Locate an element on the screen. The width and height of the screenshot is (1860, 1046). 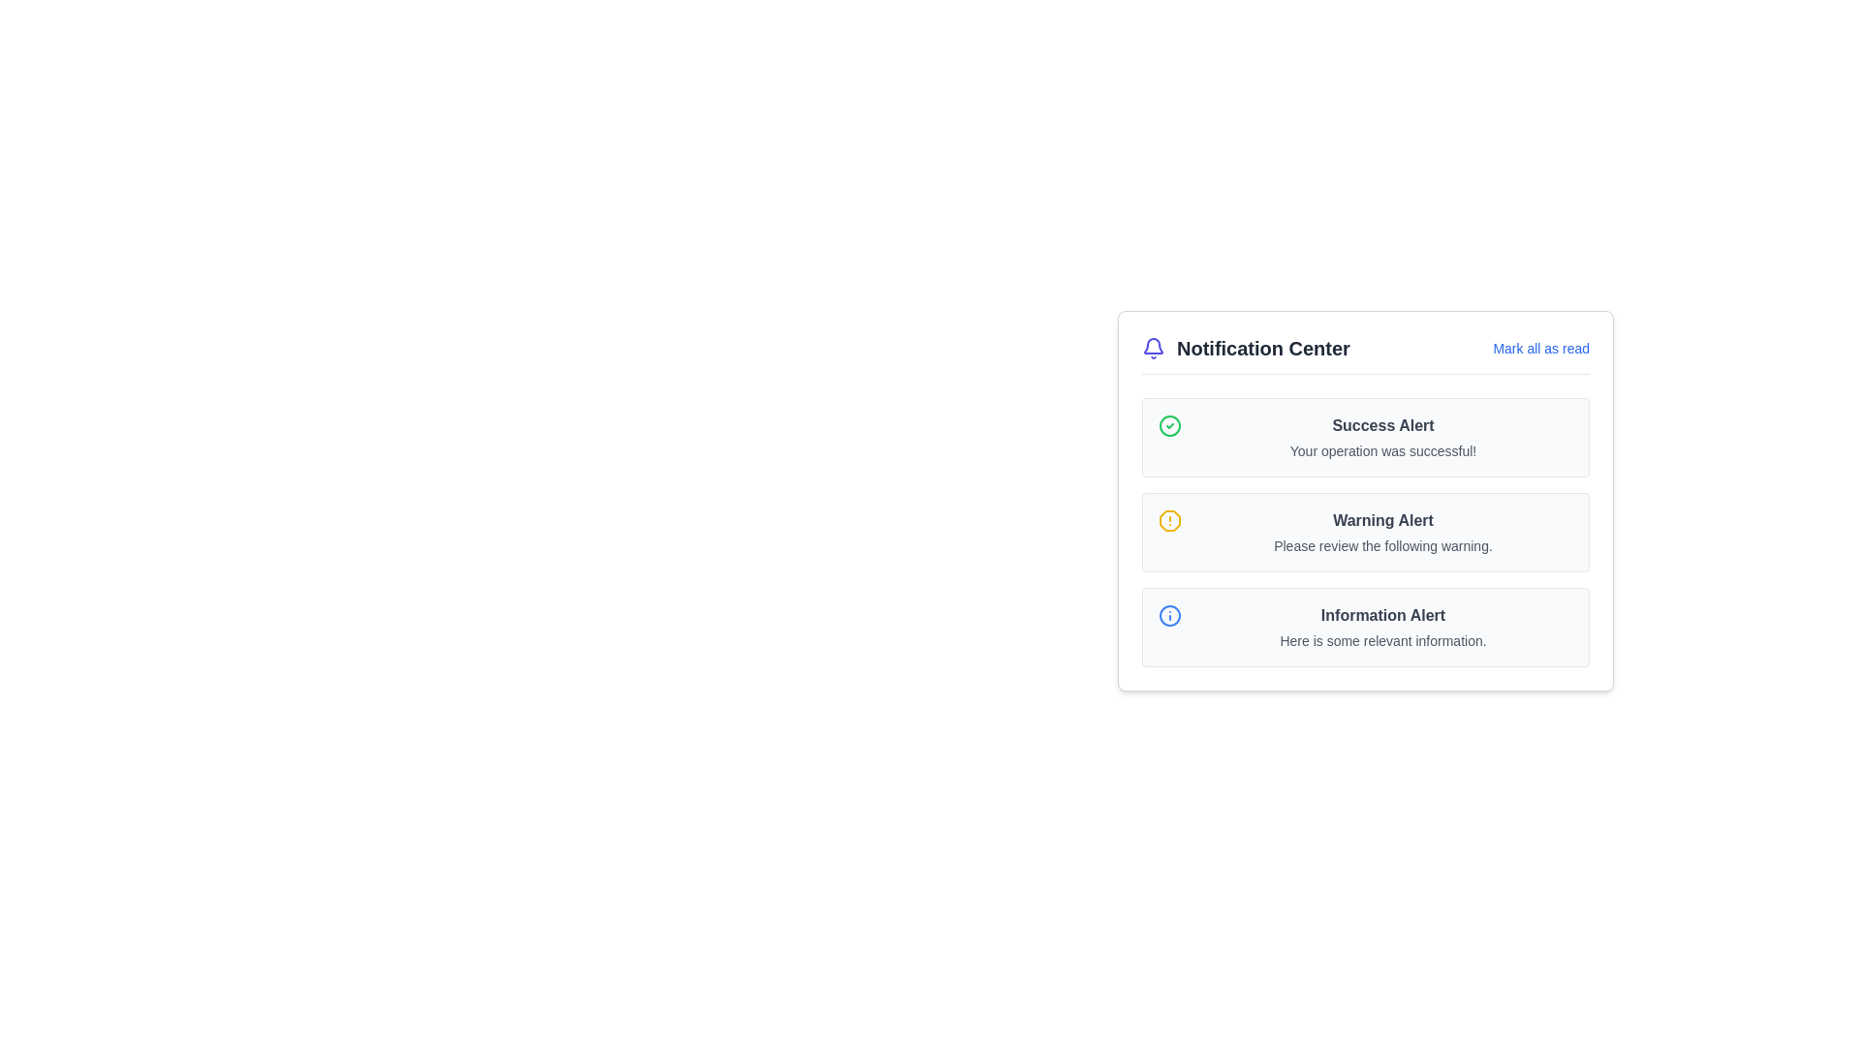
the success alert icon located to the left of the 'Success Alert' text in the first notification box is located at coordinates (1169, 424).